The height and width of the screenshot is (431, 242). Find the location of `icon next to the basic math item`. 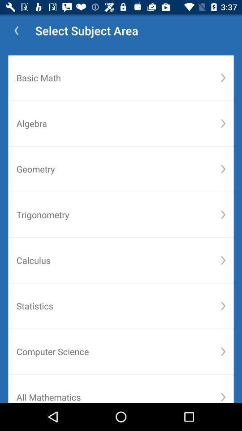

icon next to the basic math item is located at coordinates (222, 77).